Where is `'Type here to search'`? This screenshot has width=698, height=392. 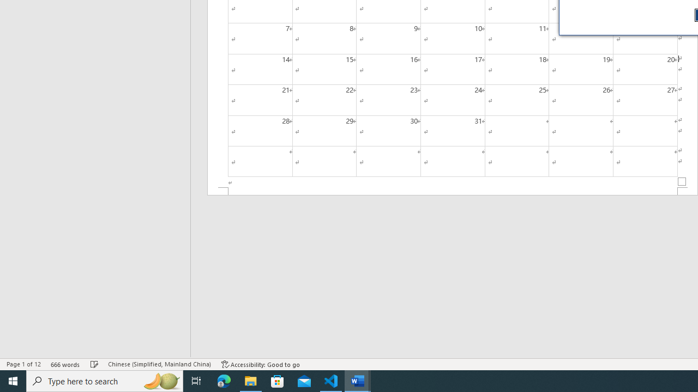
'Type here to search' is located at coordinates (105, 380).